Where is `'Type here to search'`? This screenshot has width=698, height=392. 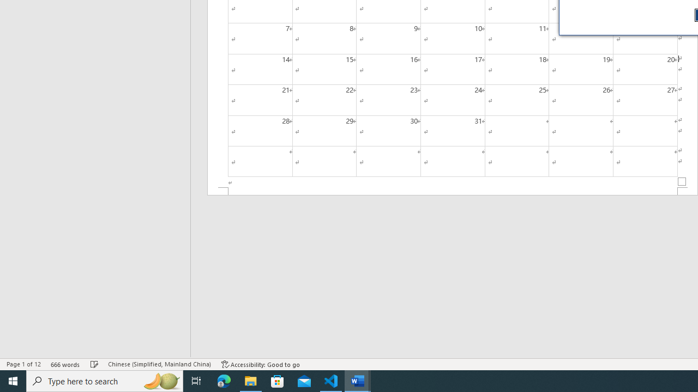
'Type here to search' is located at coordinates (105, 380).